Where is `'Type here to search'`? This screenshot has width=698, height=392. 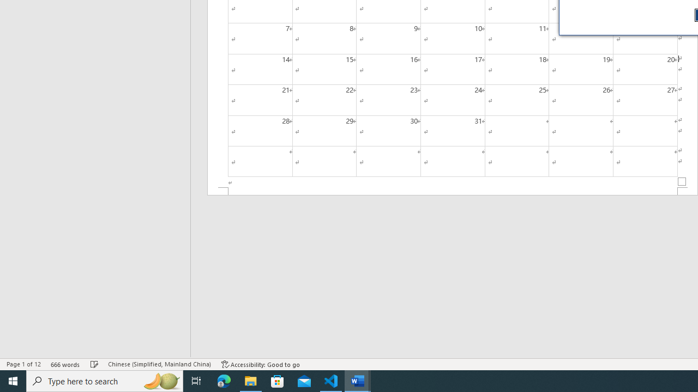
'Type here to search' is located at coordinates (105, 380).